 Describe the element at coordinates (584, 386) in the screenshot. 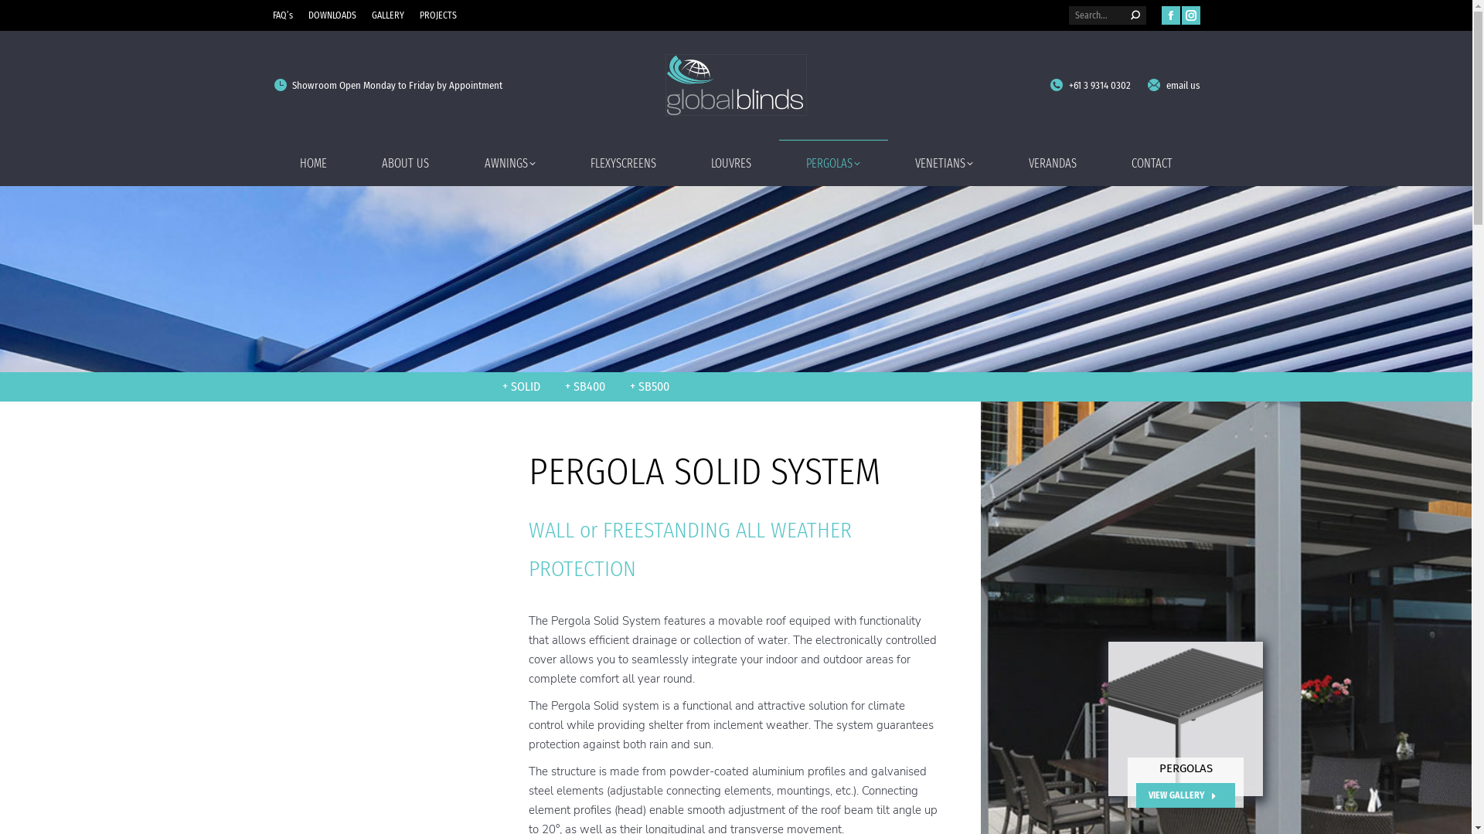

I see `'+ SB400'` at that location.